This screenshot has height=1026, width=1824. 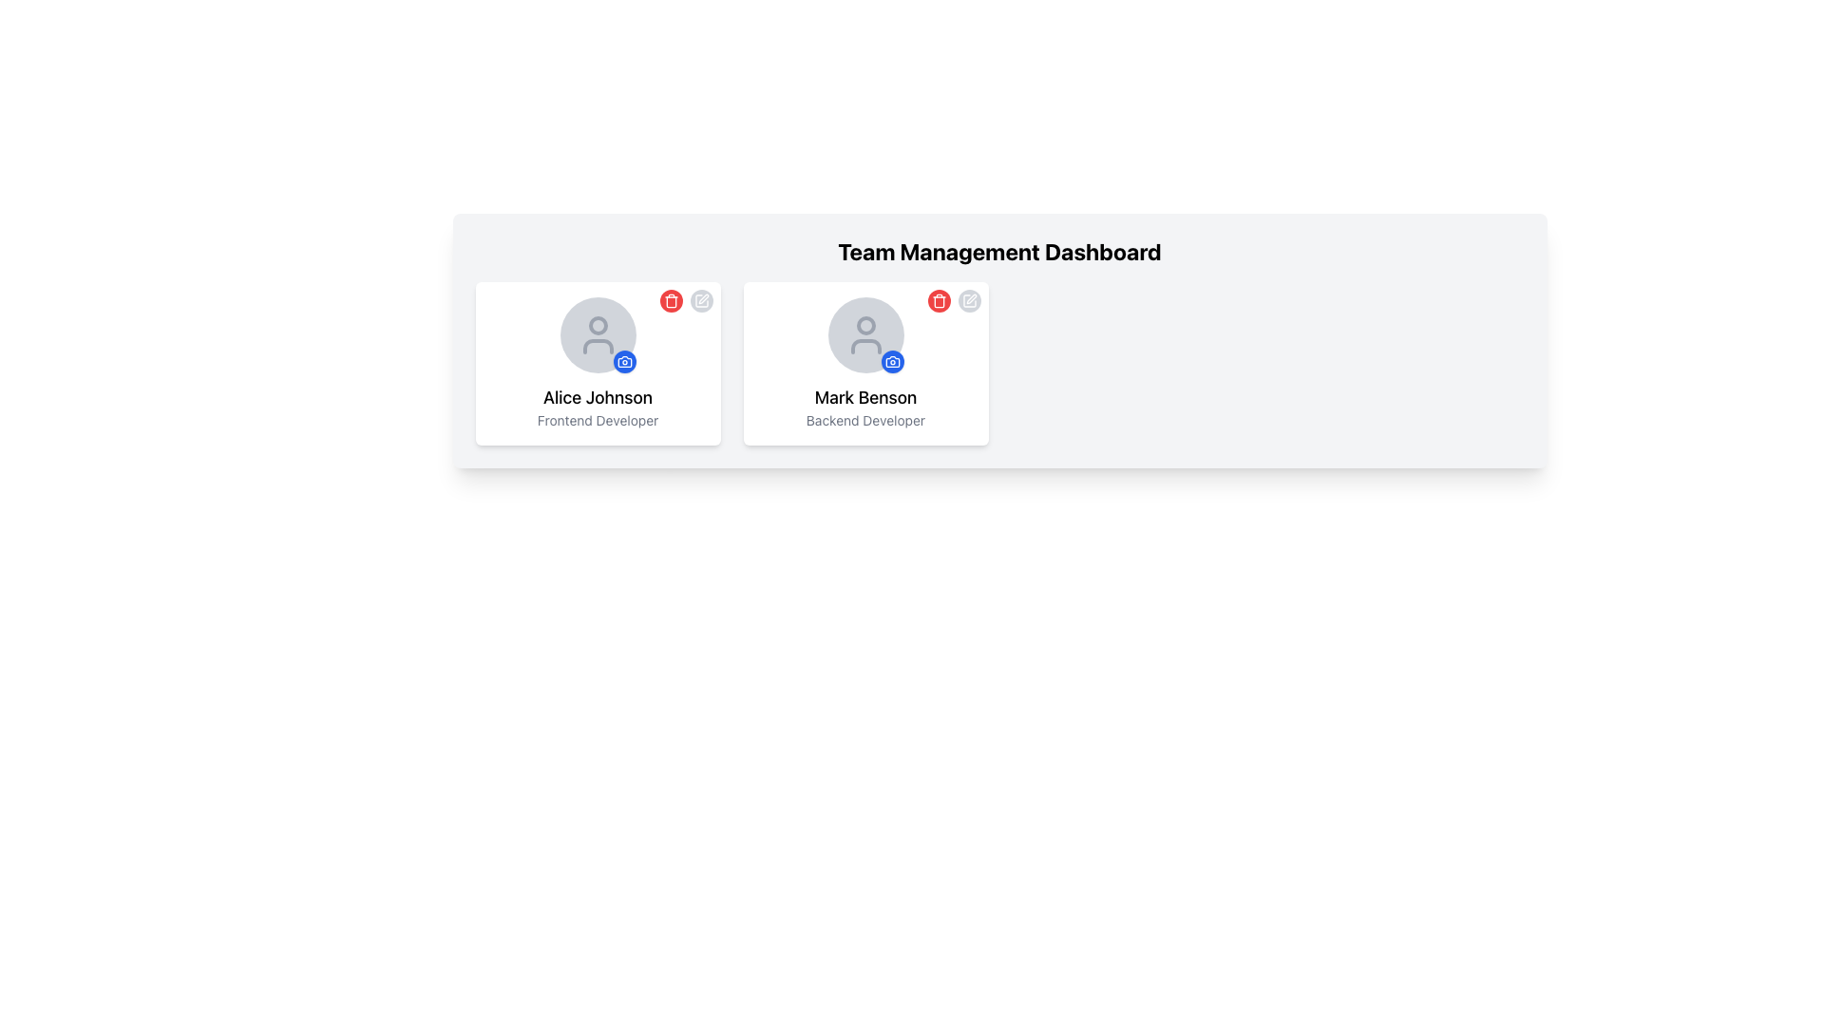 I want to click on the graphical feature depicting the facial detail of Mark Benson's avatar icon located in the upper part of the right user card, so click(x=864, y=325).